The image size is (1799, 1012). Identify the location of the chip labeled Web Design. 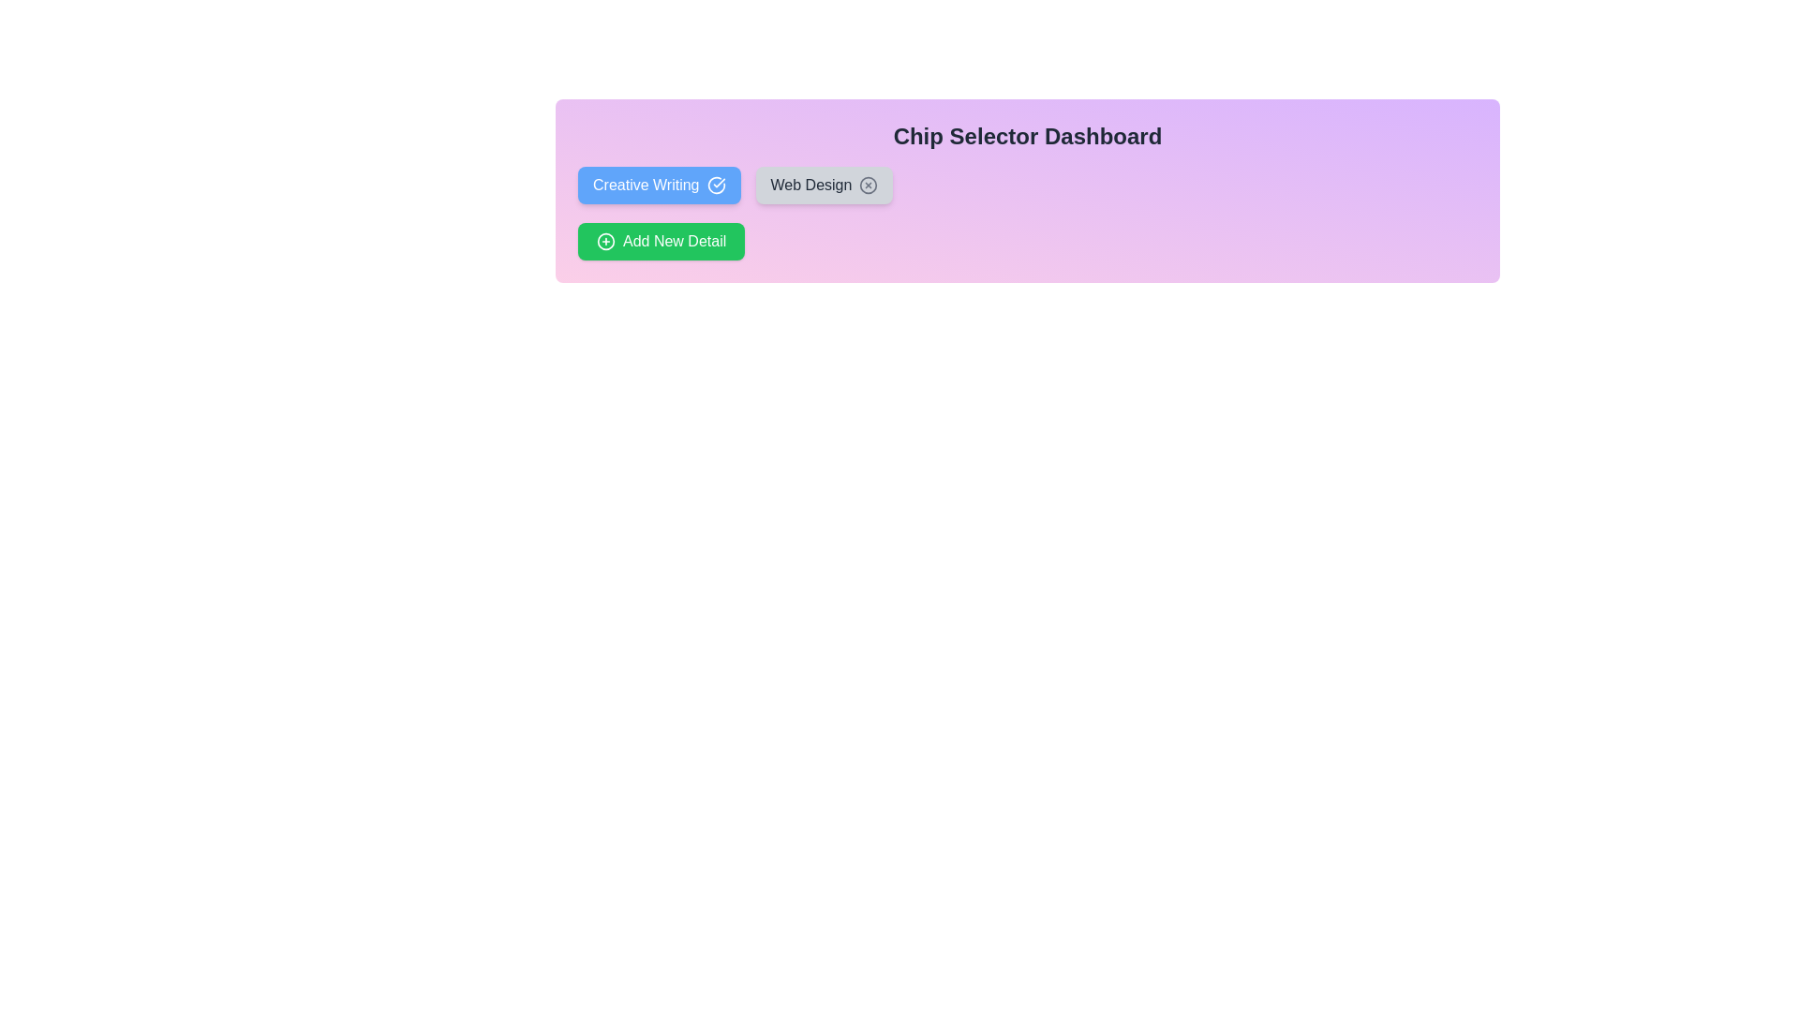
(824, 185).